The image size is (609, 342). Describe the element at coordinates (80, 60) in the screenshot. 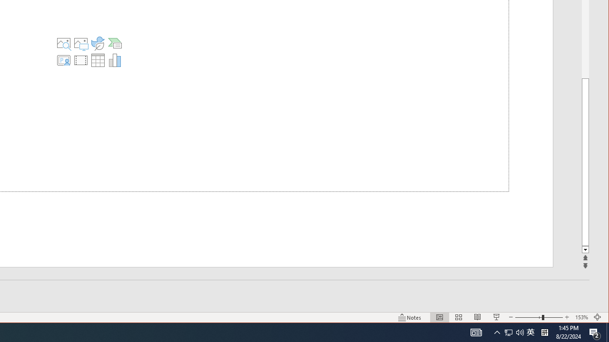

I see `'Insert Video'` at that location.